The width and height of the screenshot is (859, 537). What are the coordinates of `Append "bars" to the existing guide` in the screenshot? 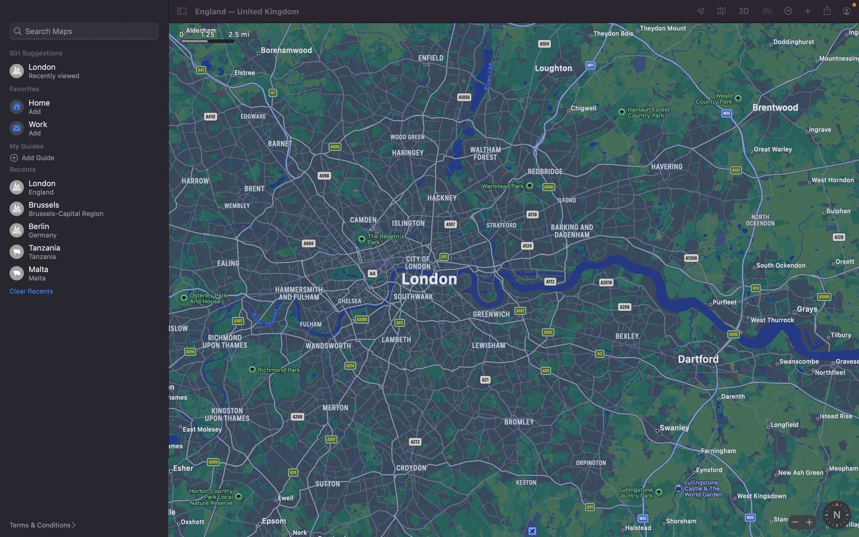 It's located at (87, 157).